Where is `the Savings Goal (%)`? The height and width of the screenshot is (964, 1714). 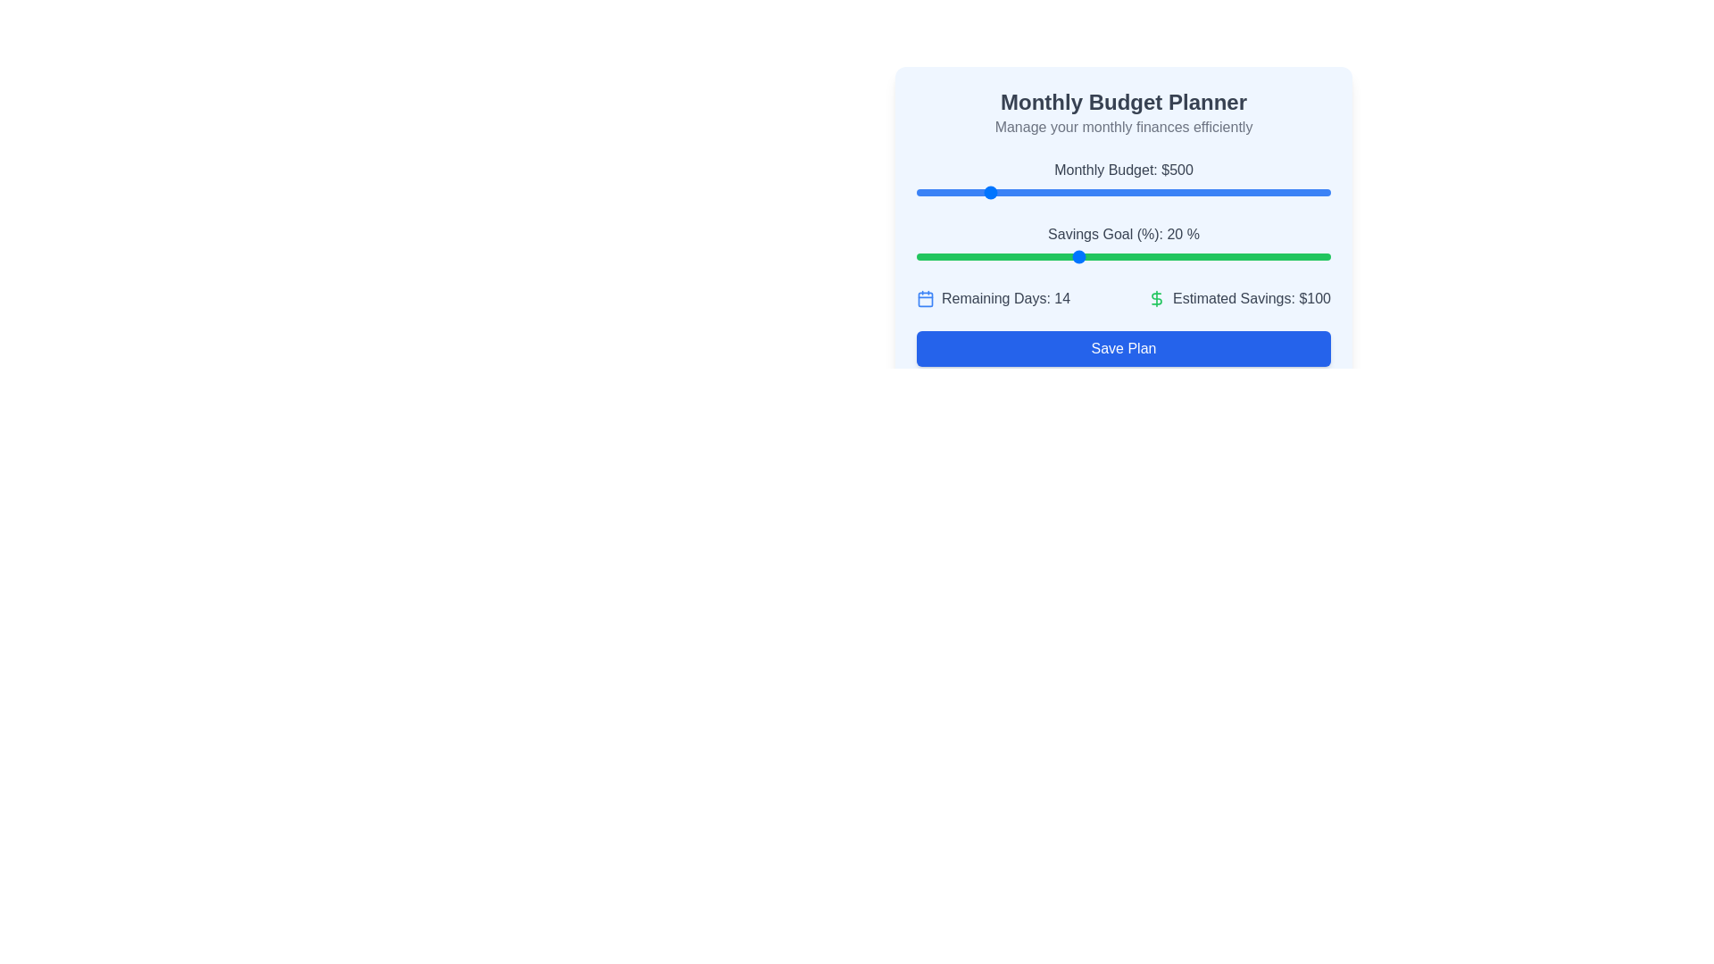
the Savings Goal (%) is located at coordinates (1093, 257).